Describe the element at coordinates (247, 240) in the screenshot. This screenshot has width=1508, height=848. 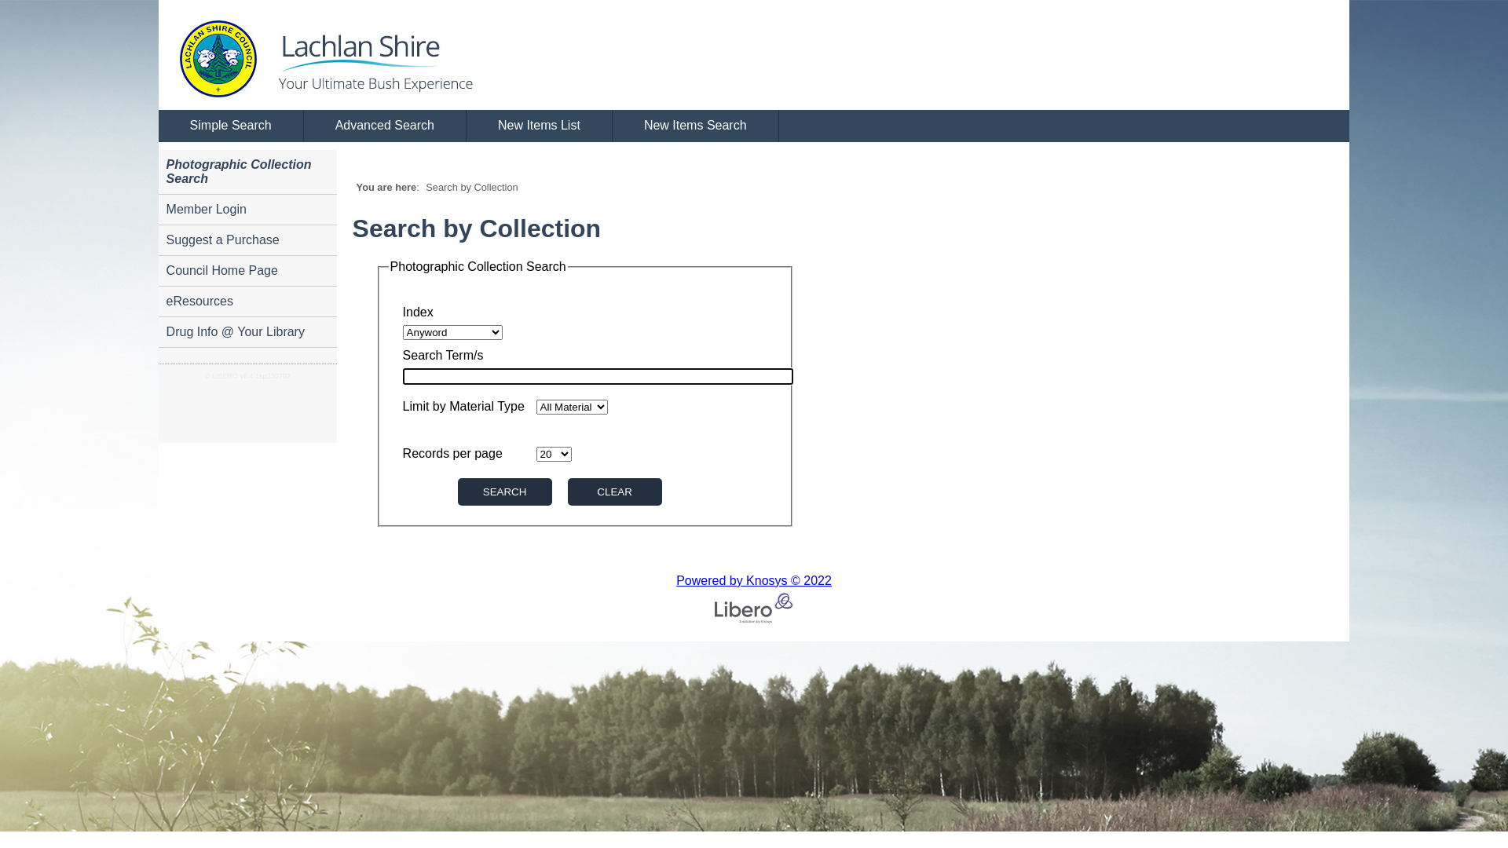
I see `'Suggest a Purchase'` at that location.